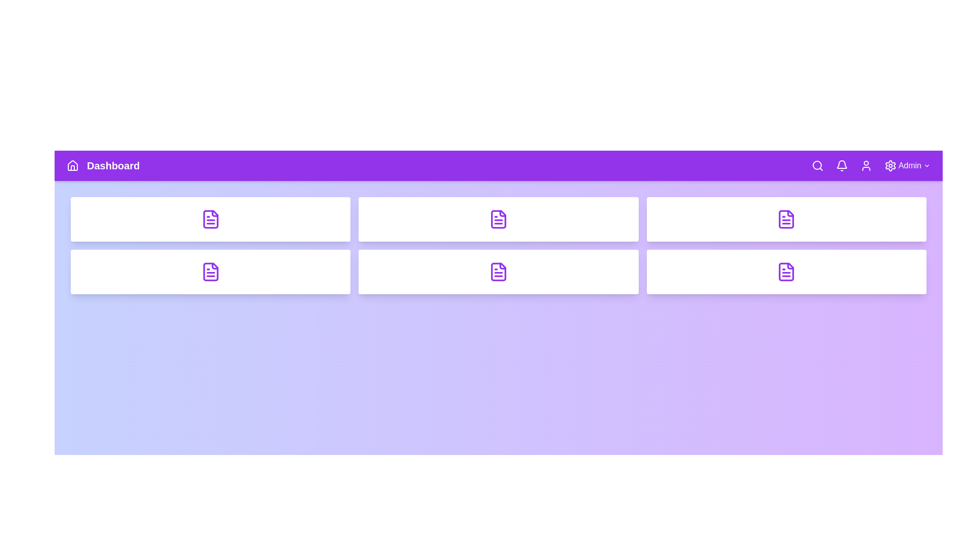 Image resolution: width=971 pixels, height=546 pixels. What do you see at coordinates (72, 165) in the screenshot?
I see `the Home navigation icon` at bounding box center [72, 165].